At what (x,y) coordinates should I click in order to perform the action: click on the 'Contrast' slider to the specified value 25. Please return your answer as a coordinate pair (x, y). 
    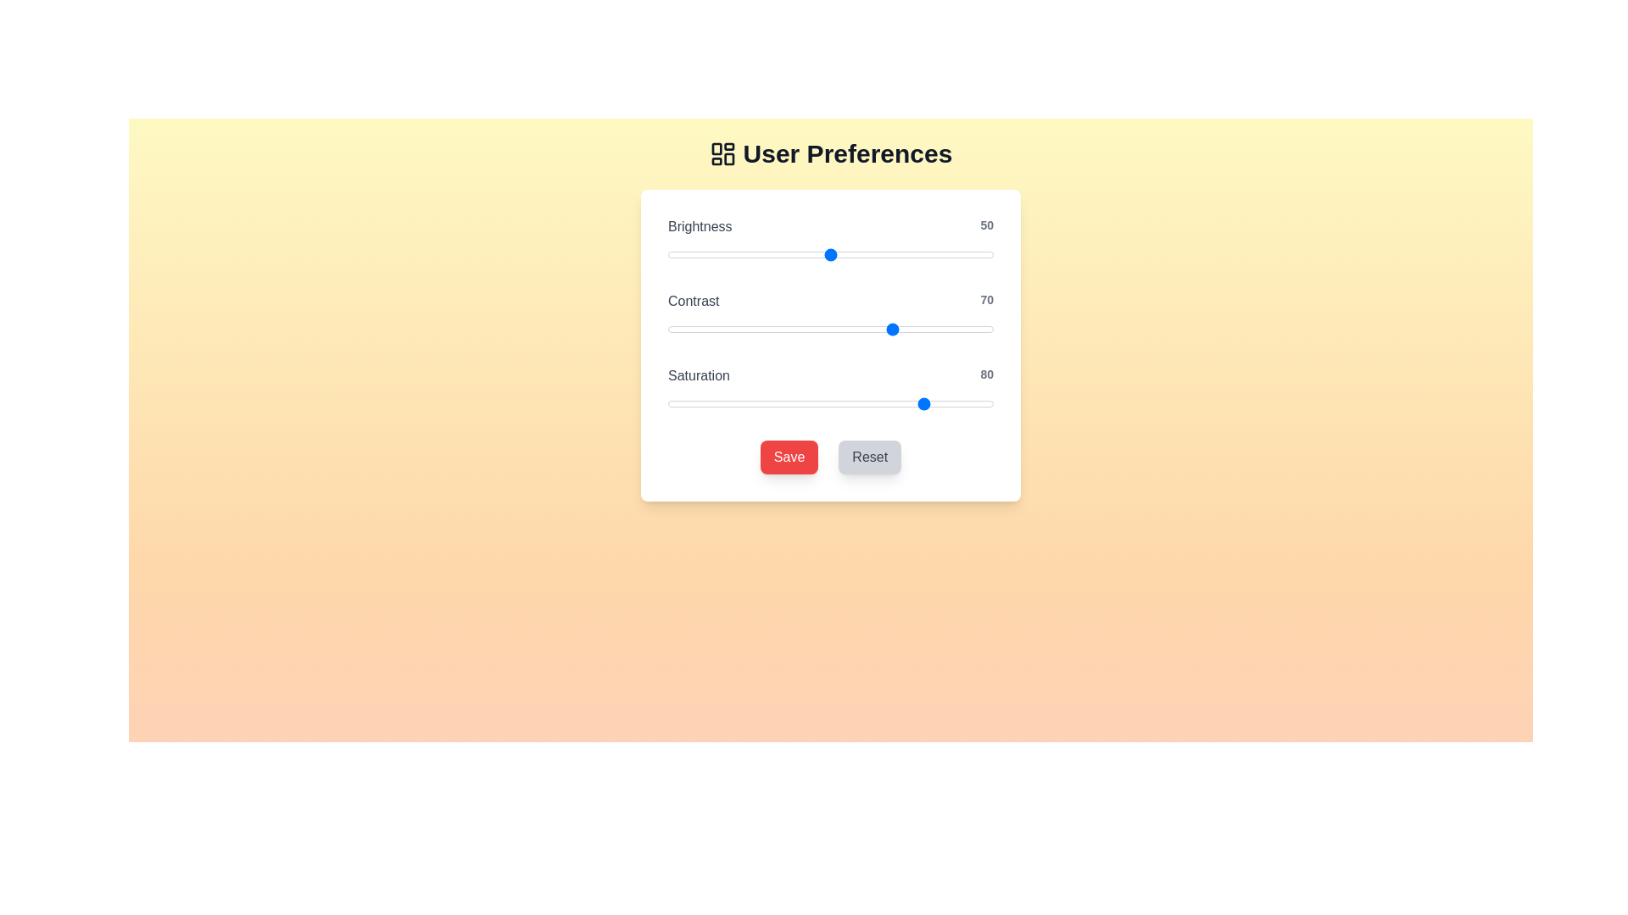
    Looking at the image, I should click on (748, 330).